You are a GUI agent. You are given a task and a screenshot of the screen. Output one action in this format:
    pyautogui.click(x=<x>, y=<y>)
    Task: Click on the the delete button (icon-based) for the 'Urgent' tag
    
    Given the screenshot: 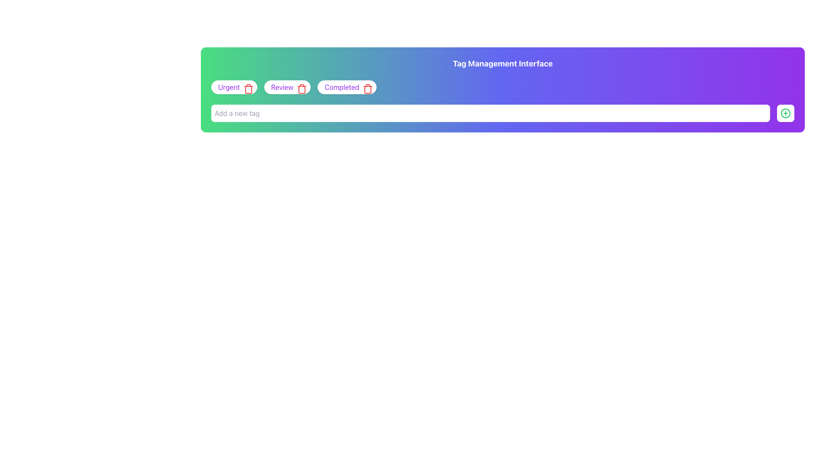 What is the action you would take?
    pyautogui.click(x=246, y=87)
    